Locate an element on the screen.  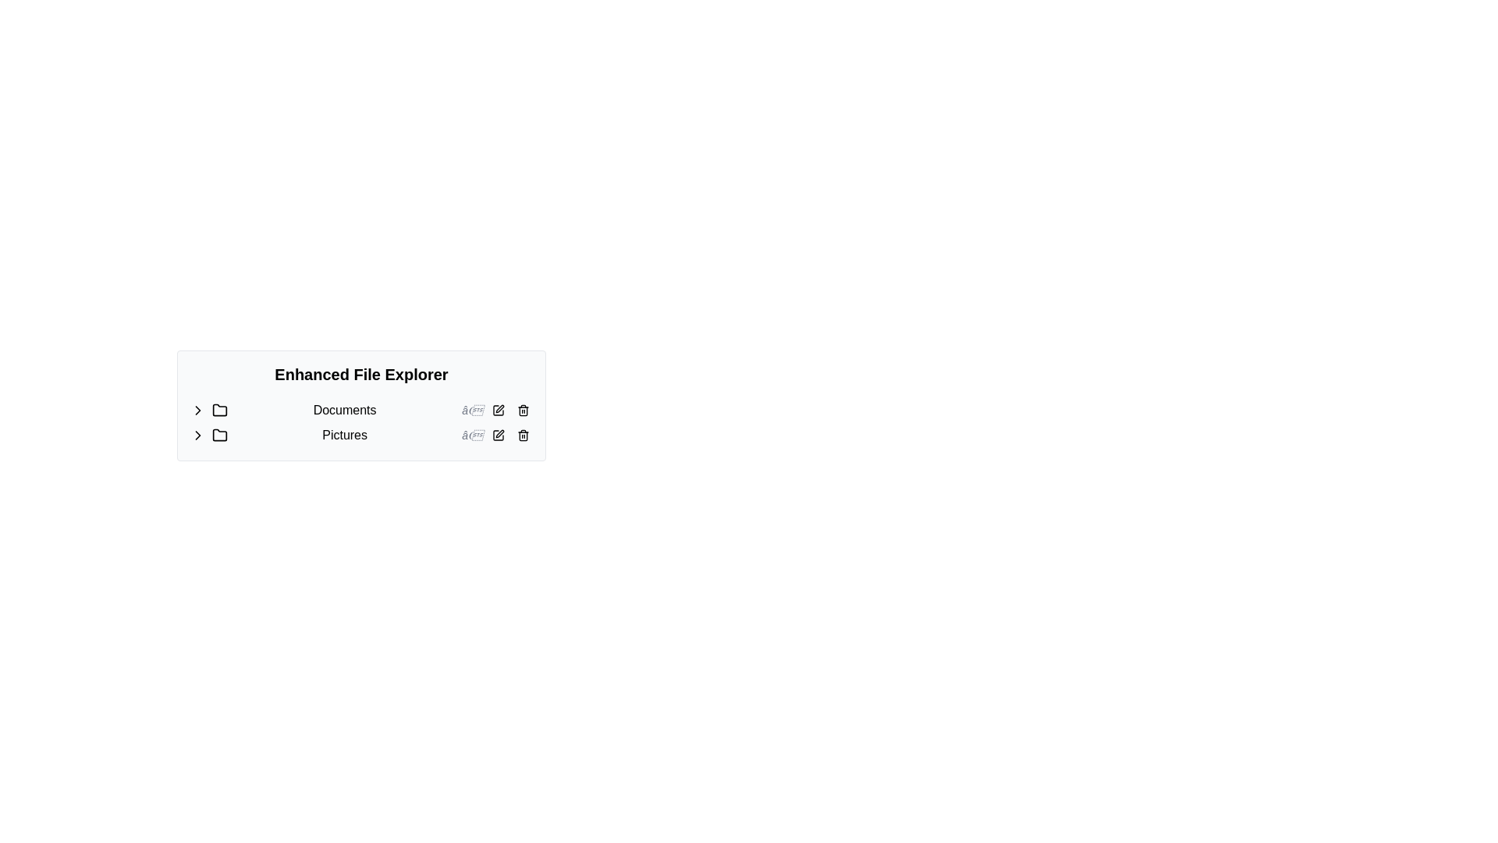
the 'Pictures' text label, which is part of the second item is located at coordinates (343, 436).